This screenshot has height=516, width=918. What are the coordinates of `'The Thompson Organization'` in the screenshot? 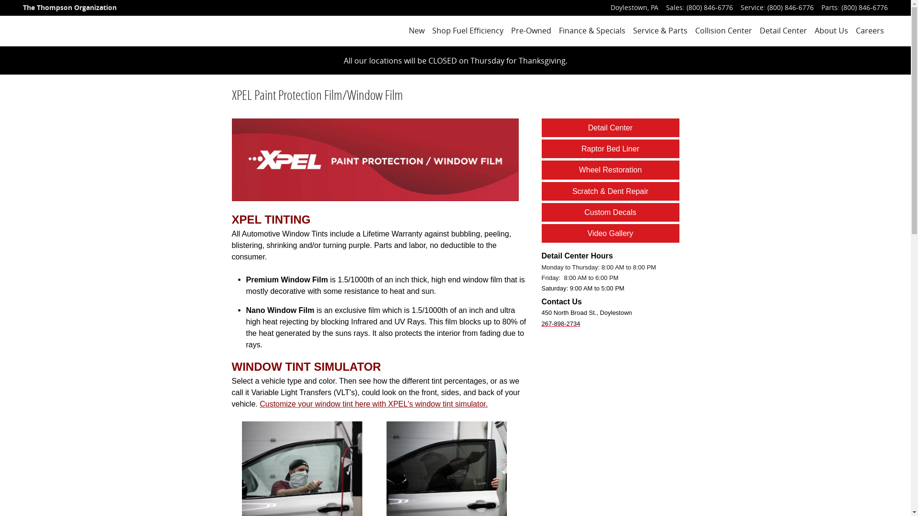 It's located at (23, 7).